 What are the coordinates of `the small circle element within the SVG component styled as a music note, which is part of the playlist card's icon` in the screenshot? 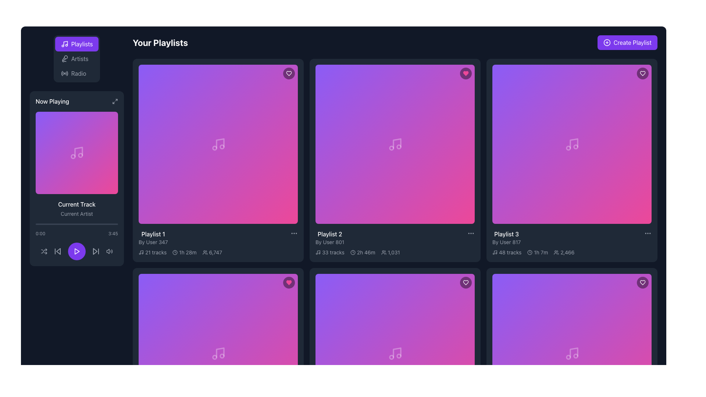 It's located at (398, 147).